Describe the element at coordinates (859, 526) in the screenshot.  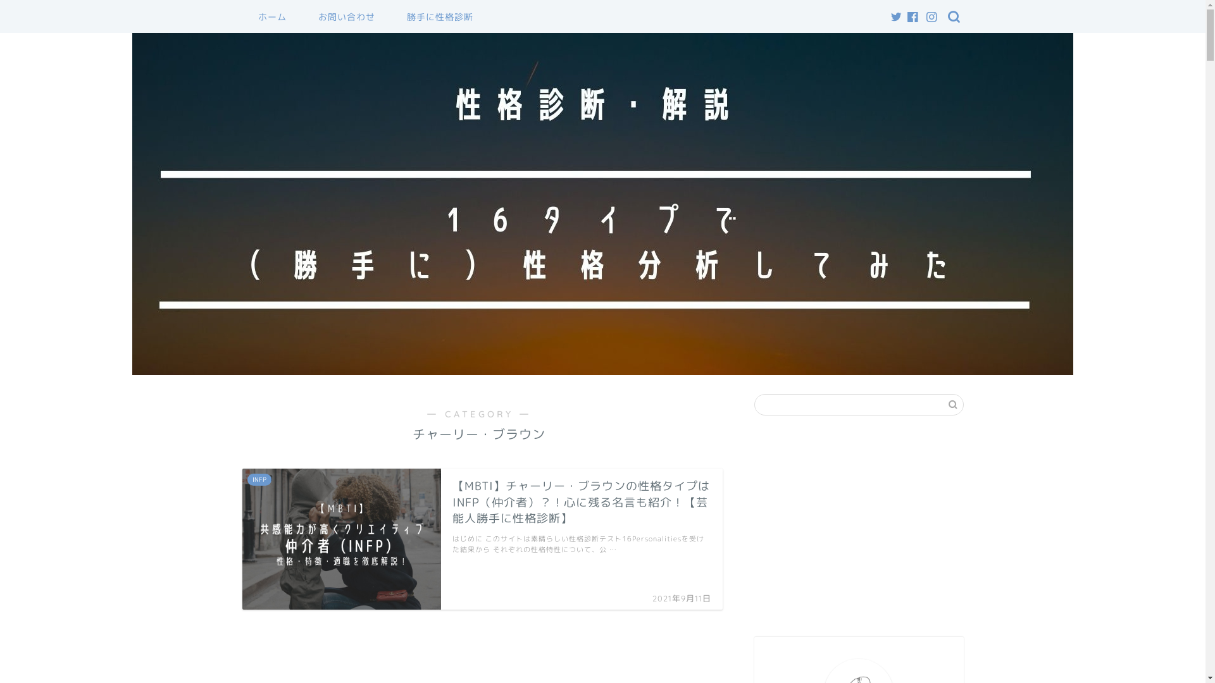
I see `'Advertisement'` at that location.